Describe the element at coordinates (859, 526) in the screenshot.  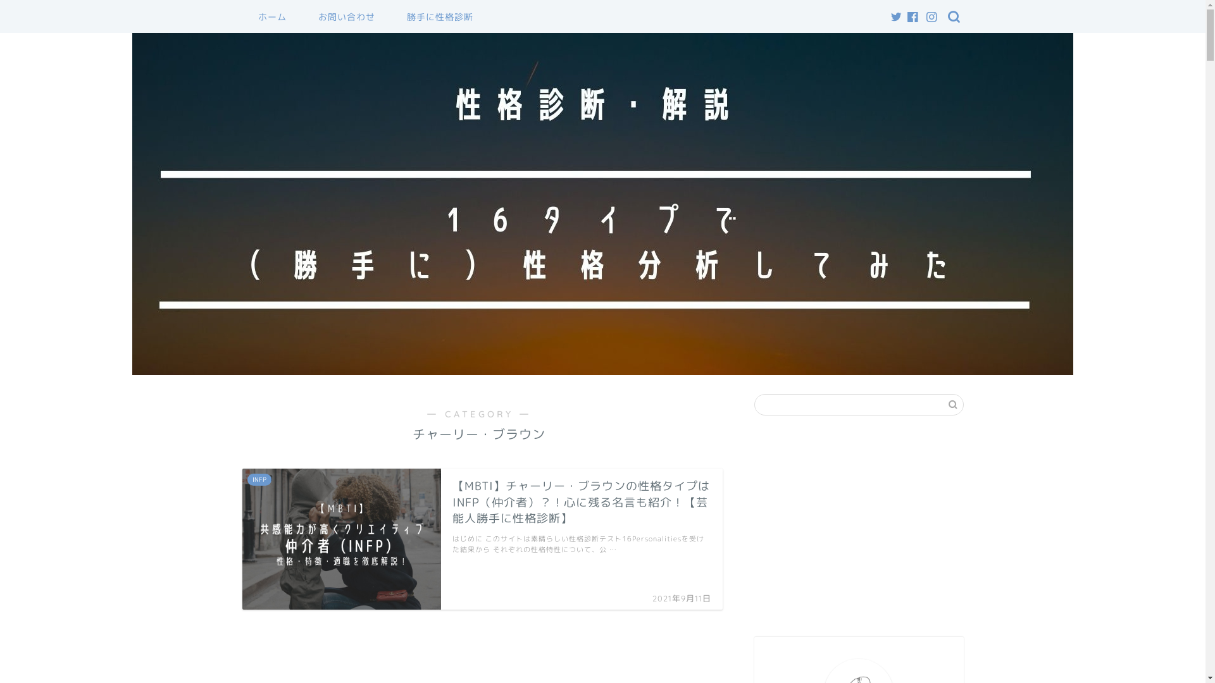
I see `'Advertisement'` at that location.